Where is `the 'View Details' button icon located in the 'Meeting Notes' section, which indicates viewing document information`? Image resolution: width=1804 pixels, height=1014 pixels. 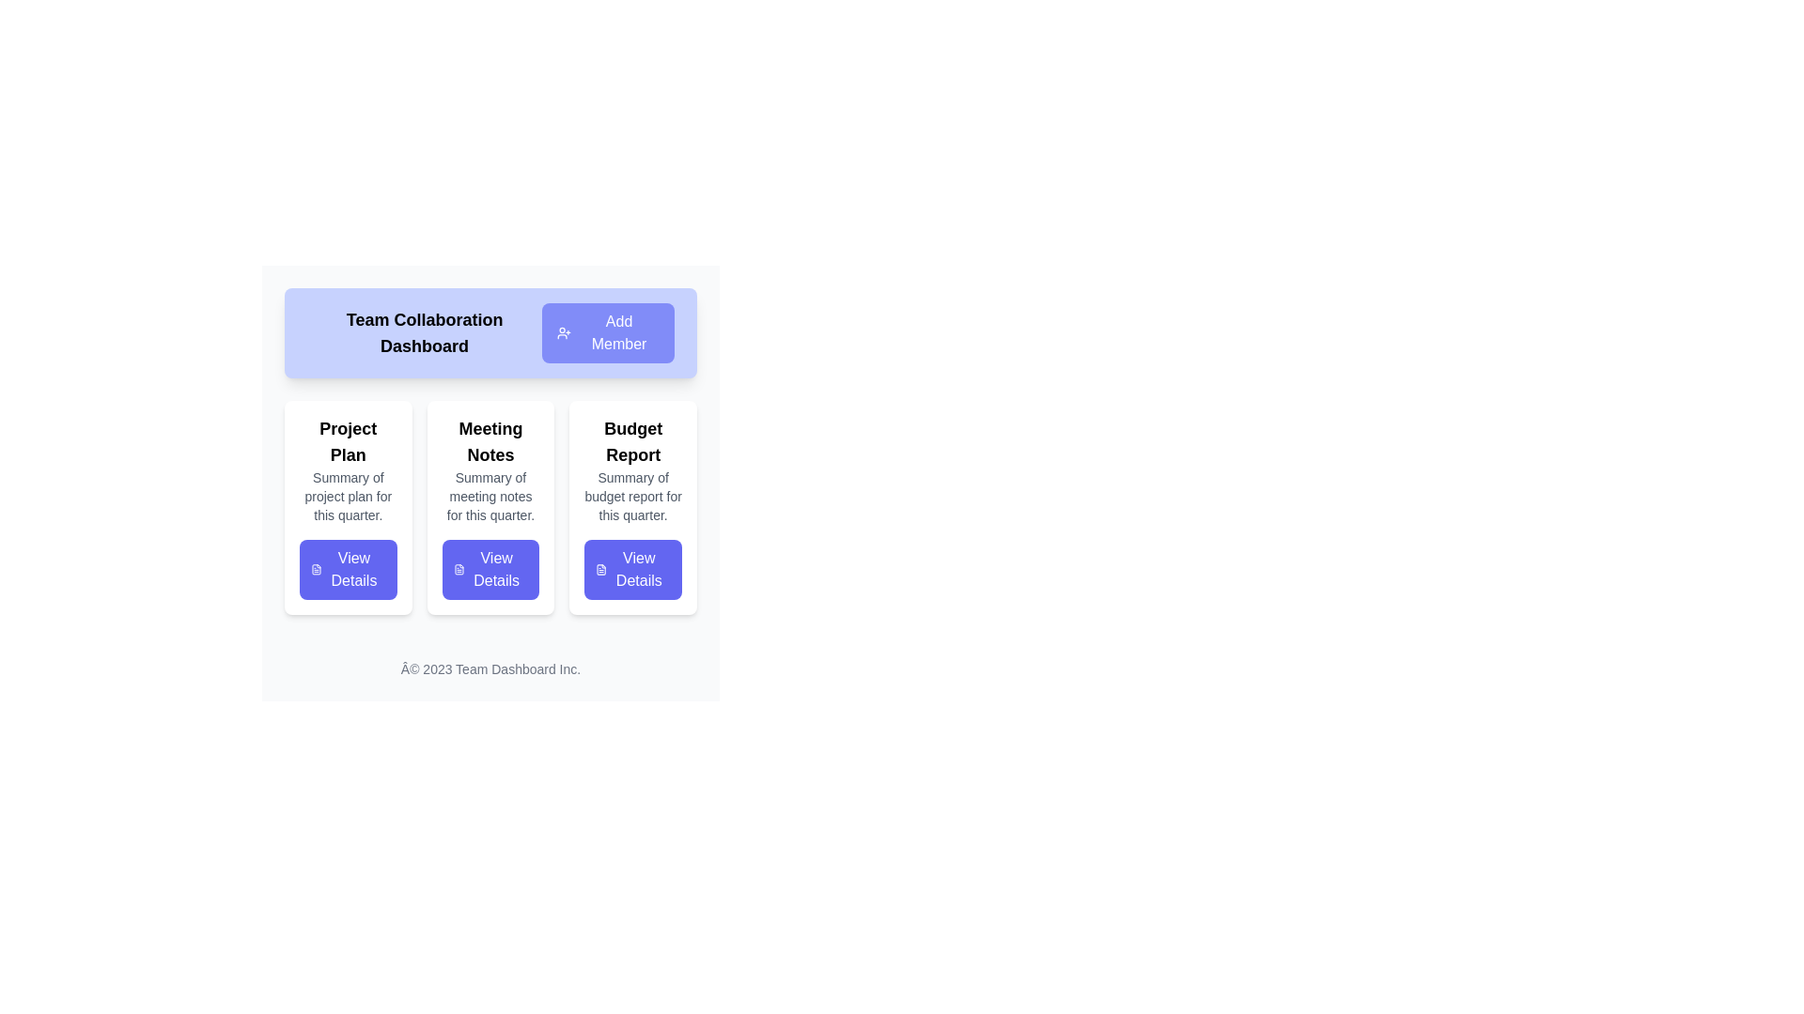 the 'View Details' button icon located in the 'Meeting Notes' section, which indicates viewing document information is located at coordinates (459, 568).